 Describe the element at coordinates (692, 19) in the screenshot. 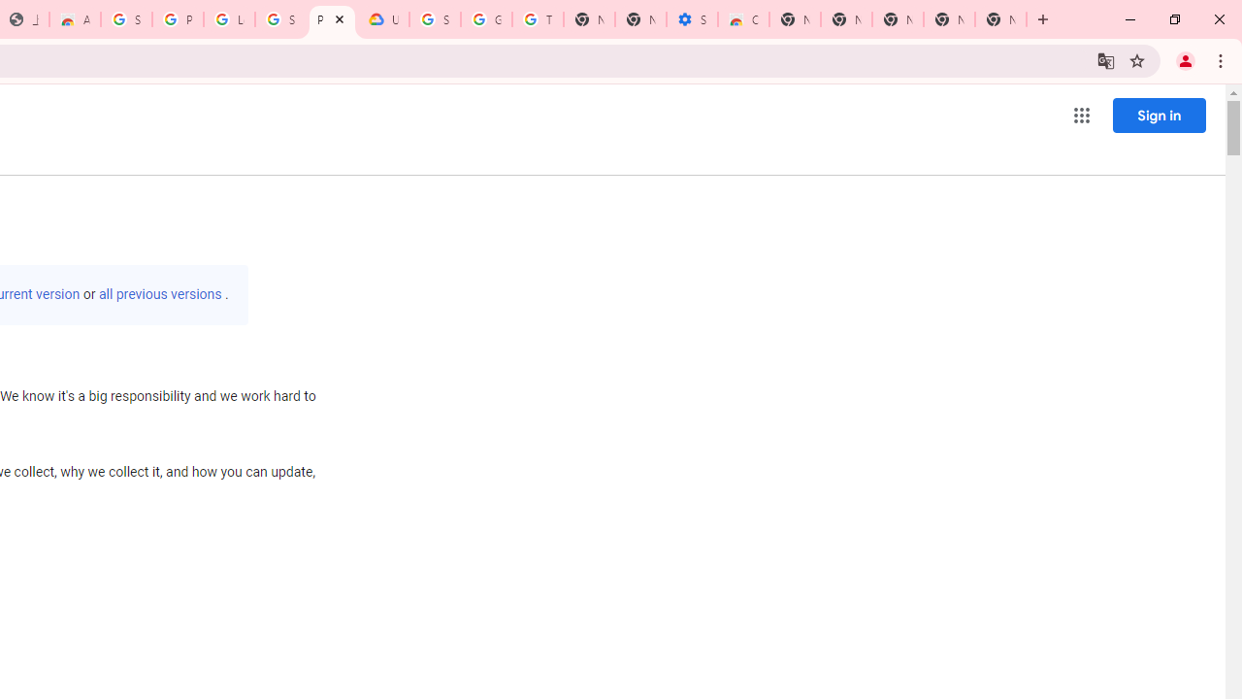

I see `'Settings - Accessibility'` at that location.